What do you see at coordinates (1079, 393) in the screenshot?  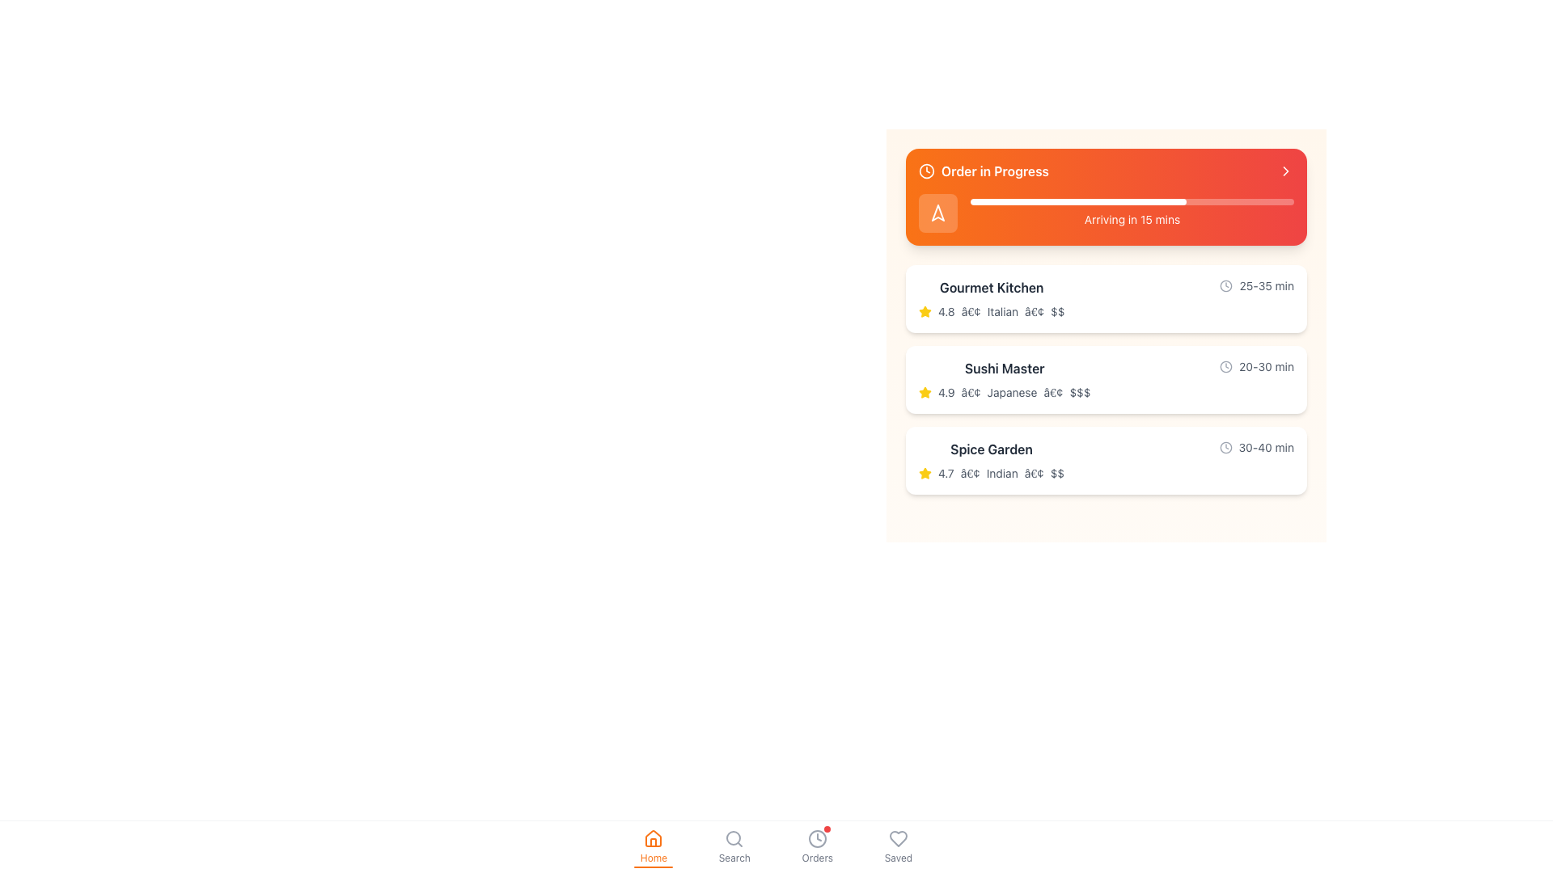 I see `the Text label displaying three dollar signs ($$$) indicating a price range under 'Sushi Master' in the second row of the list` at bounding box center [1079, 393].